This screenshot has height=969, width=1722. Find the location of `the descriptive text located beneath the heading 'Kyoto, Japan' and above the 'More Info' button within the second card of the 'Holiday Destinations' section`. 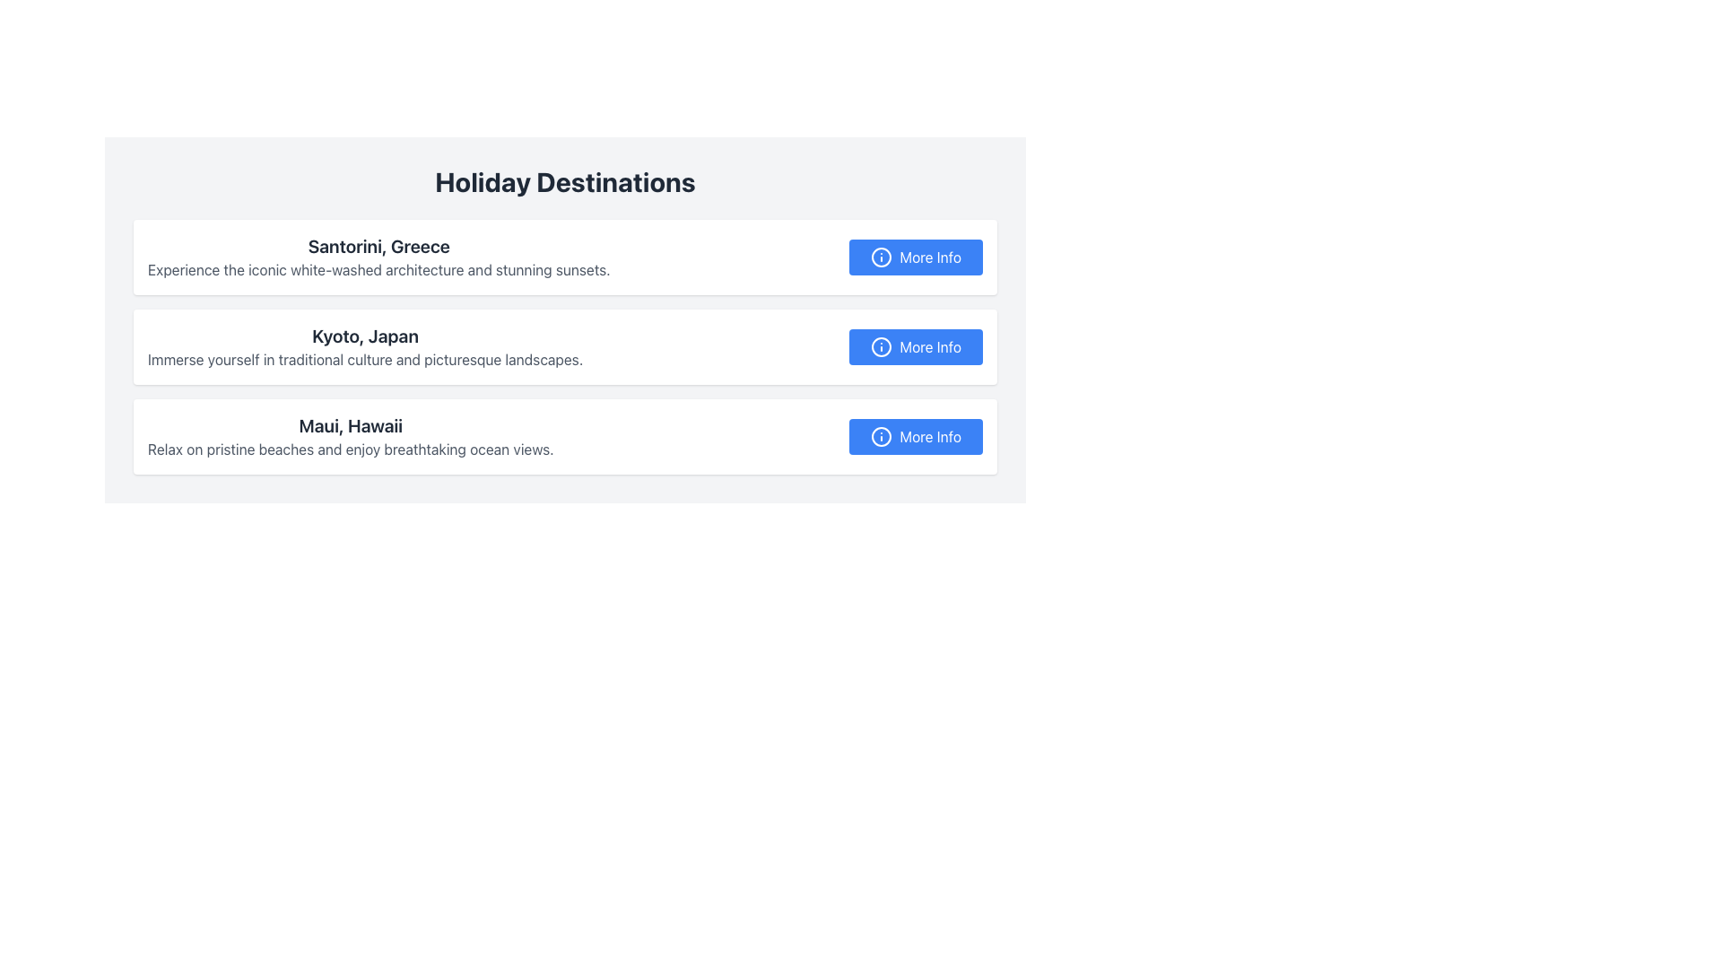

the descriptive text located beneath the heading 'Kyoto, Japan' and above the 'More Info' button within the second card of the 'Holiday Destinations' section is located at coordinates (364, 360).